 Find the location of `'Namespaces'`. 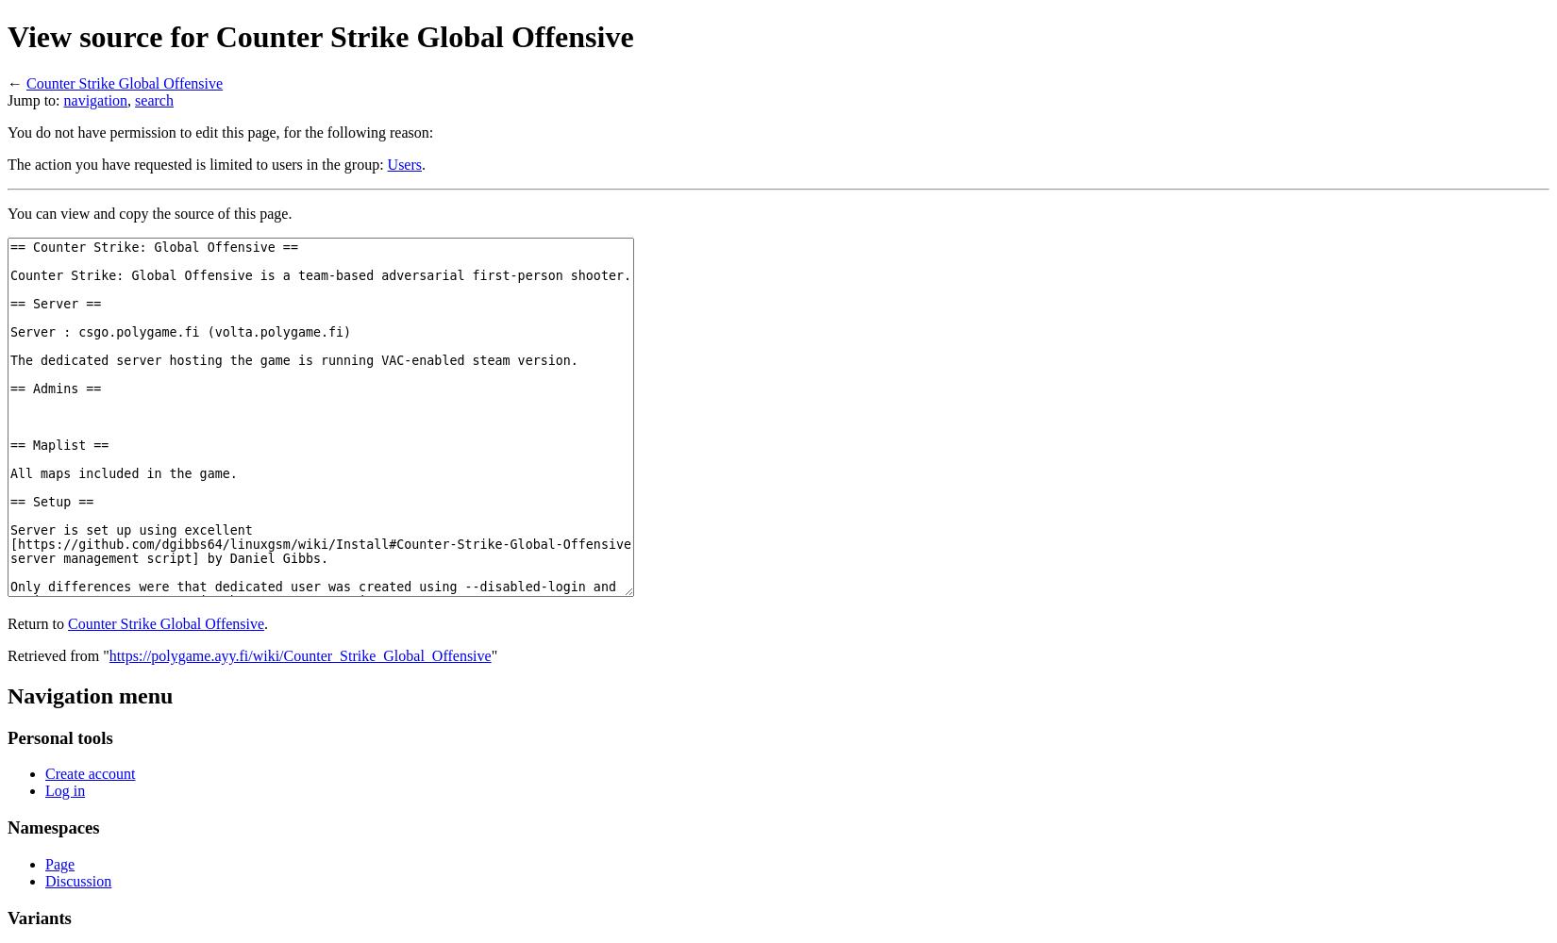

'Namespaces' is located at coordinates (53, 827).